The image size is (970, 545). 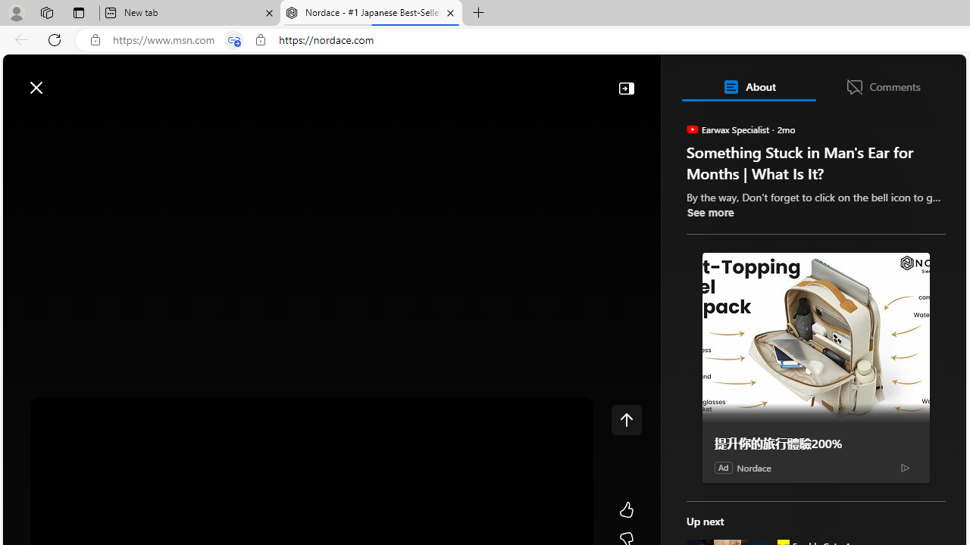 I want to click on 'Collapse', so click(x=626, y=87).